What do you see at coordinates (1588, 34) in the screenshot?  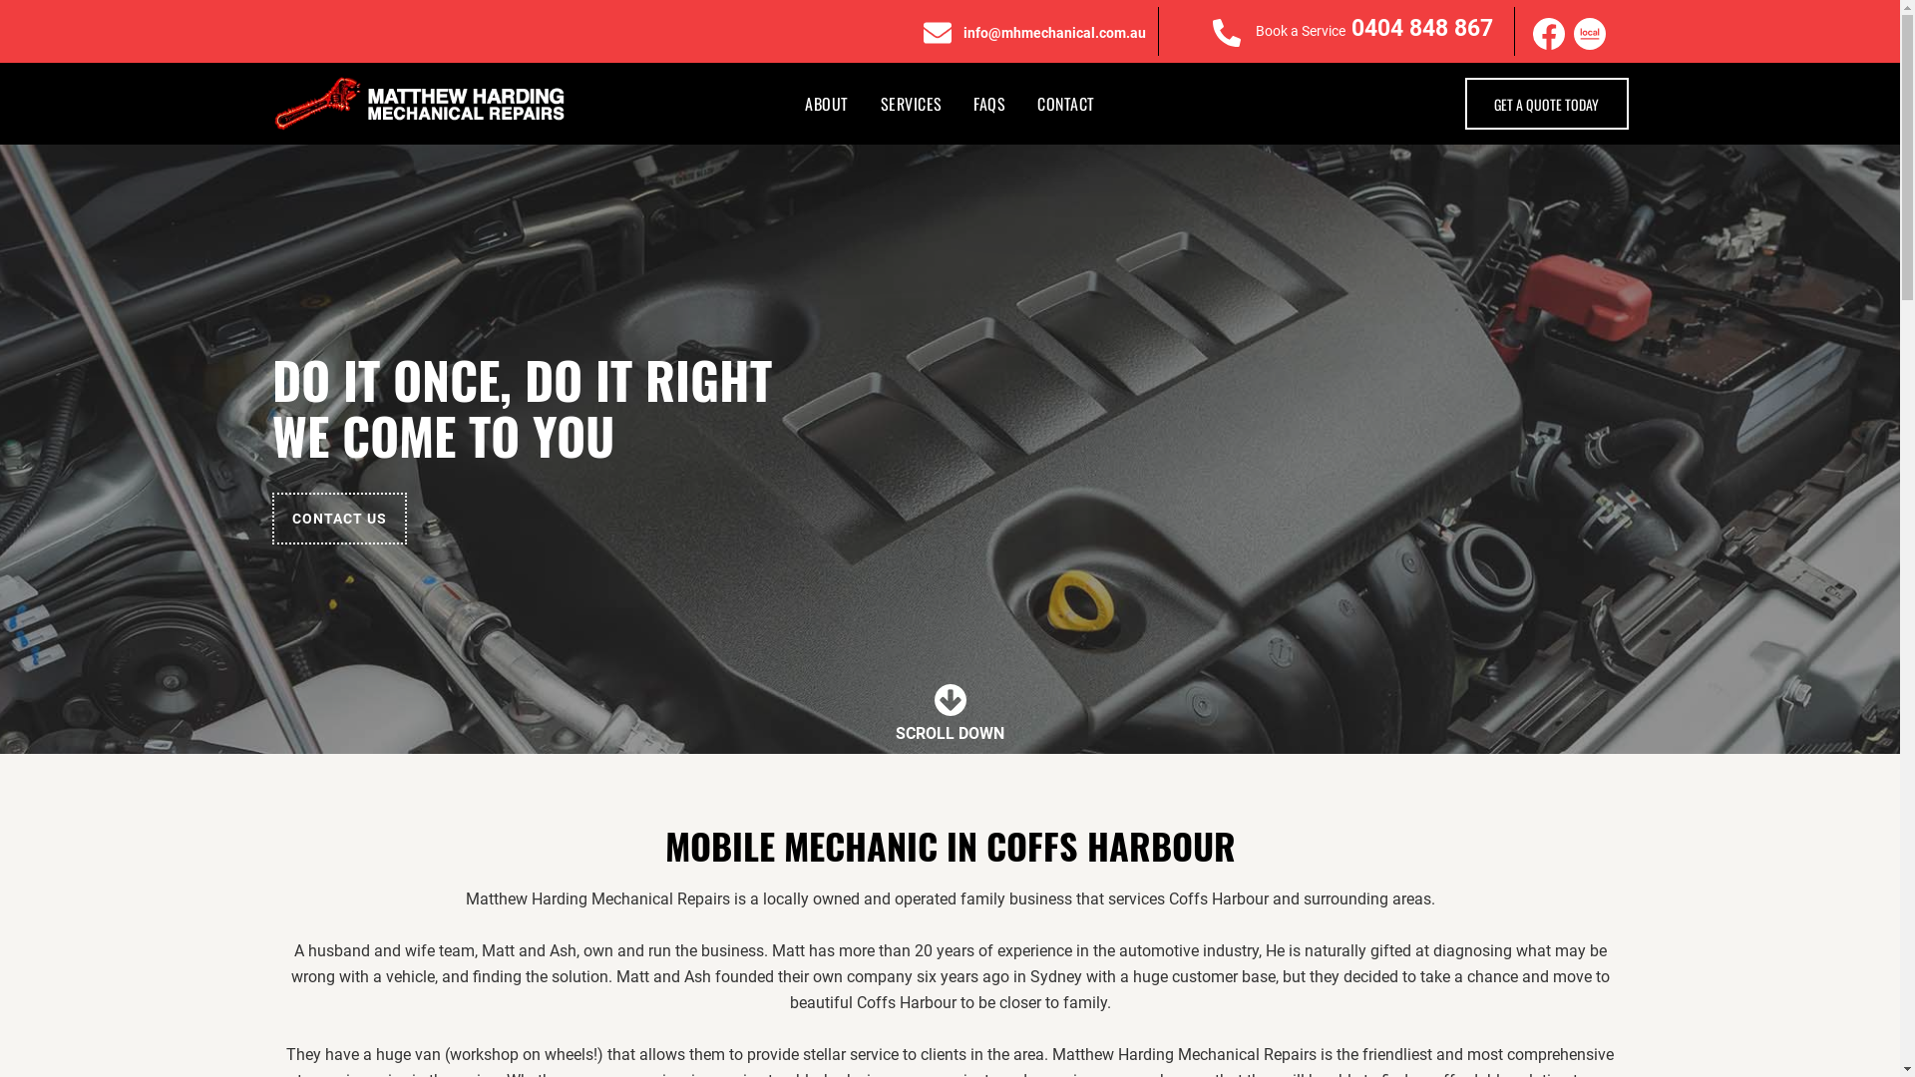 I see `'www.localsearch.com.au'` at bounding box center [1588, 34].